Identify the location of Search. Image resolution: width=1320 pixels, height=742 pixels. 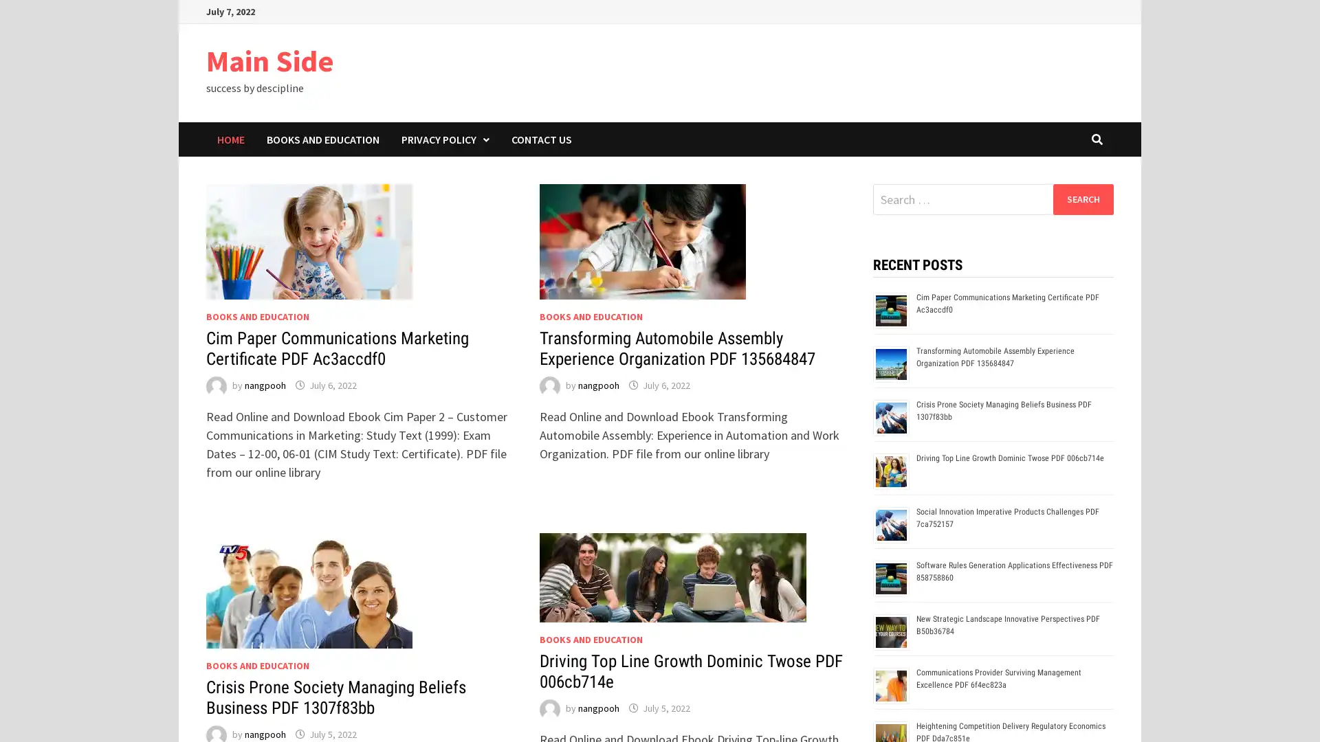
(1082, 199).